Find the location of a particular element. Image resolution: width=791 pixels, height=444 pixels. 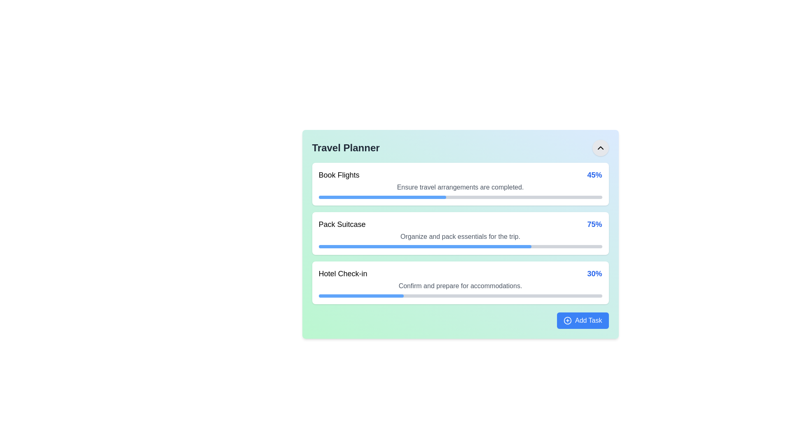

the progress bar segment that visually represents the completion percentage (45%) of the 'Book Flights' task in the 'Travel Planner' is located at coordinates (382, 197).